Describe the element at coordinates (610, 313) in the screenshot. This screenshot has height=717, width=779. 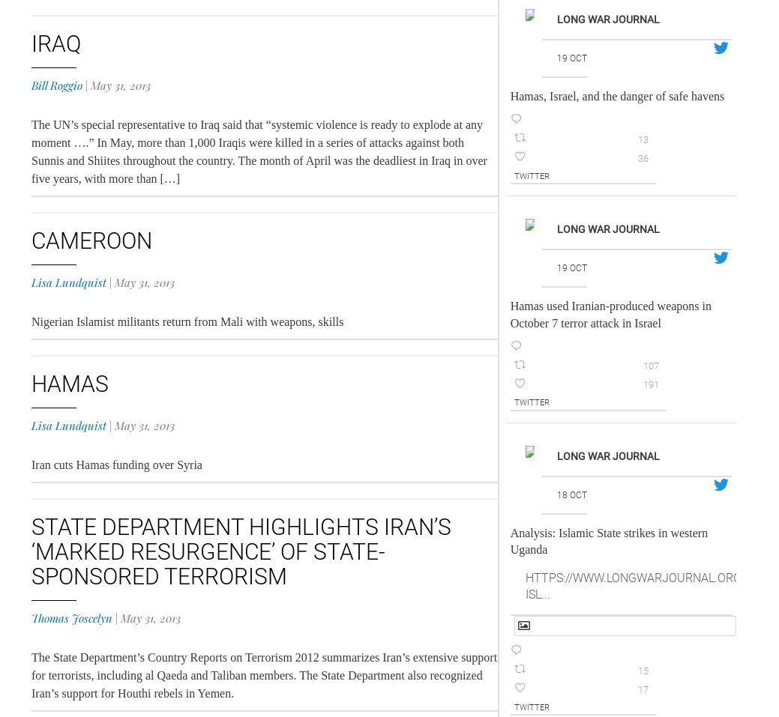
I see `'Hamas used Iranian-produced weapons in October 7 terror attack in Israel'` at that location.